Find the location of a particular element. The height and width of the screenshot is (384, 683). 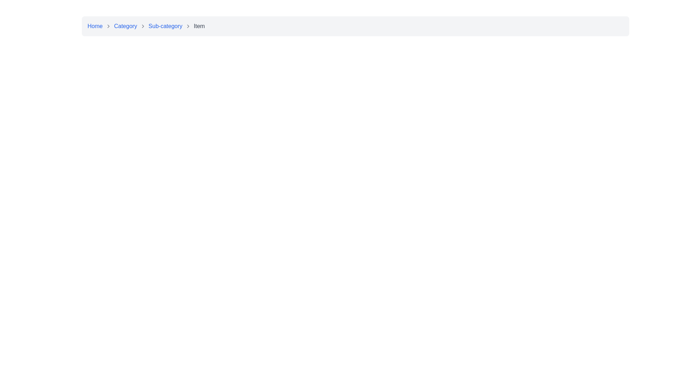

the arrow icon that separates breadcrumb items, positioned between the 'Home' link and the 'Category' link in the navigation structure is located at coordinates (108, 26).